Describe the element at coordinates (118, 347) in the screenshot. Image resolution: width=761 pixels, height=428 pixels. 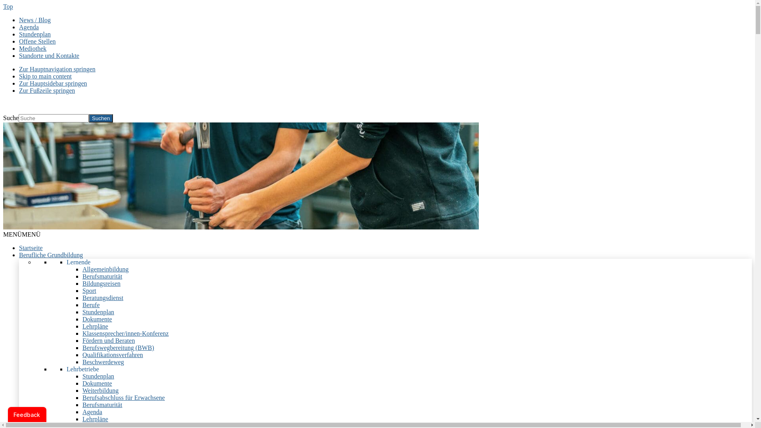
I see `'Berufswegbereitung (BWB)'` at that location.